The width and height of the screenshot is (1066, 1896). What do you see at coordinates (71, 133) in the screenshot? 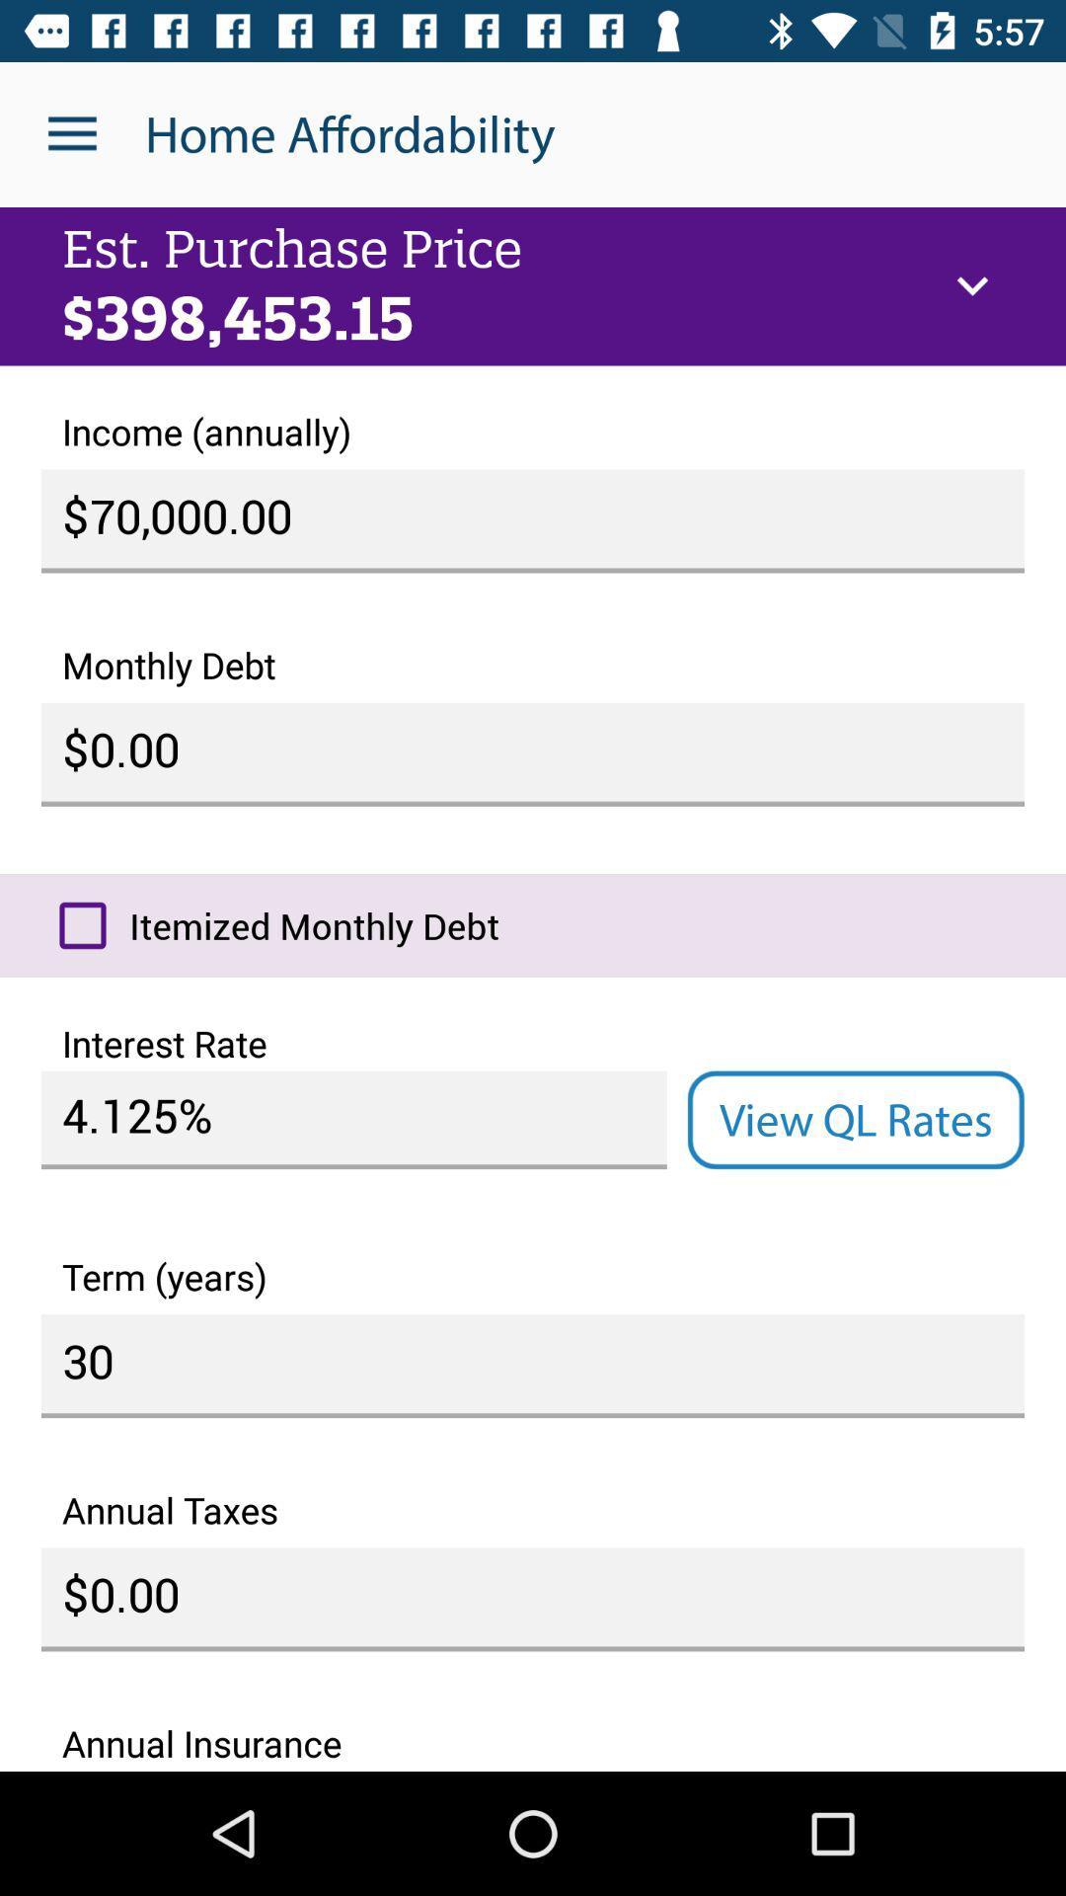
I see `the icon next to home affordability item` at bounding box center [71, 133].